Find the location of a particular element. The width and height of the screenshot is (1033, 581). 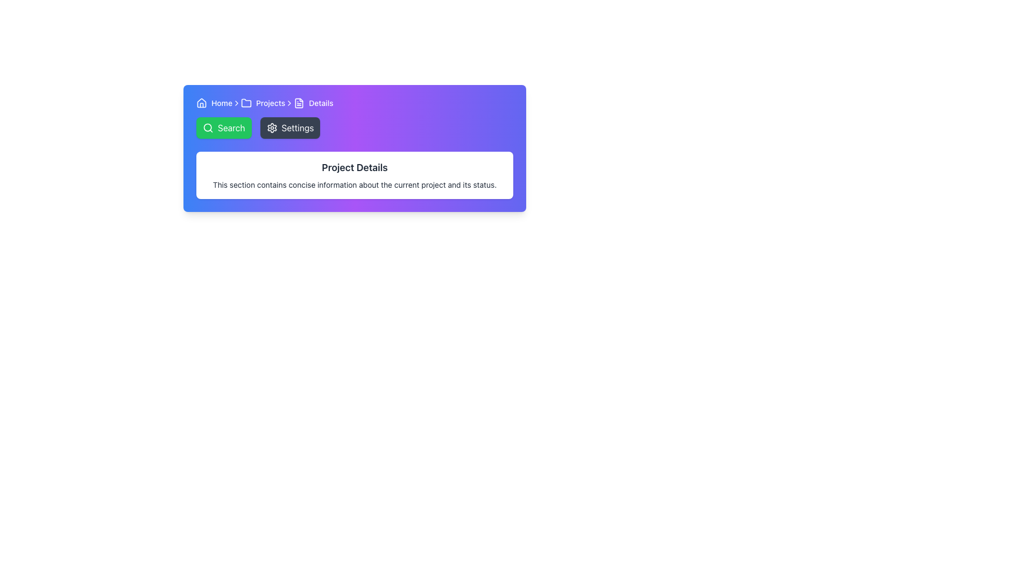

small circular icon with a magnifying glass graphic, located inside the green 'Search' button, by performing a right-click action is located at coordinates (208, 127).